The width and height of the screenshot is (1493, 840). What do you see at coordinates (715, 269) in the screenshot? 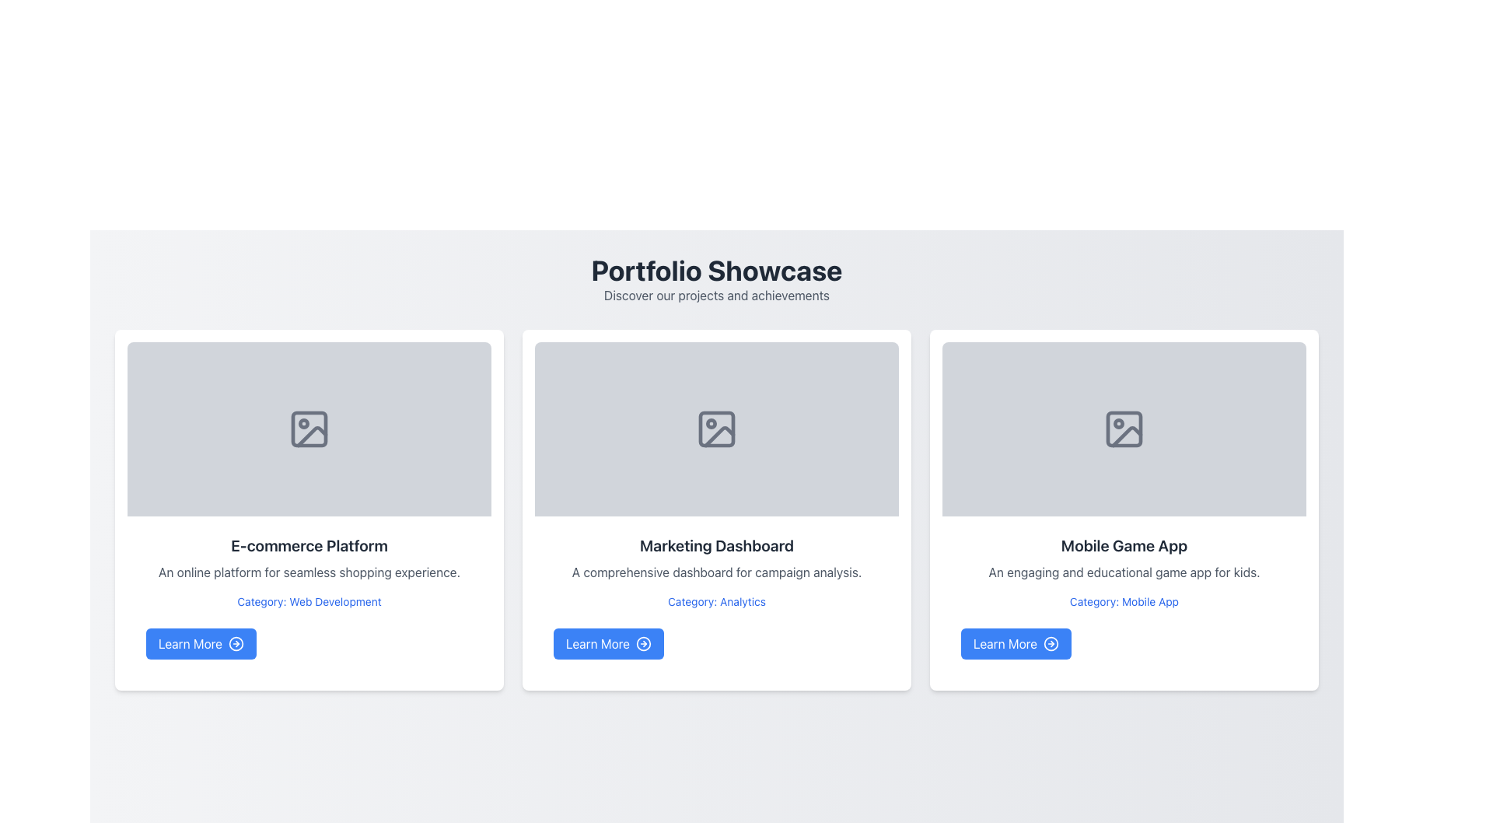
I see `the header text for the 'Portfolio Showcase' section, which is located above the text 'Discover our projects and achievements.'` at bounding box center [715, 269].